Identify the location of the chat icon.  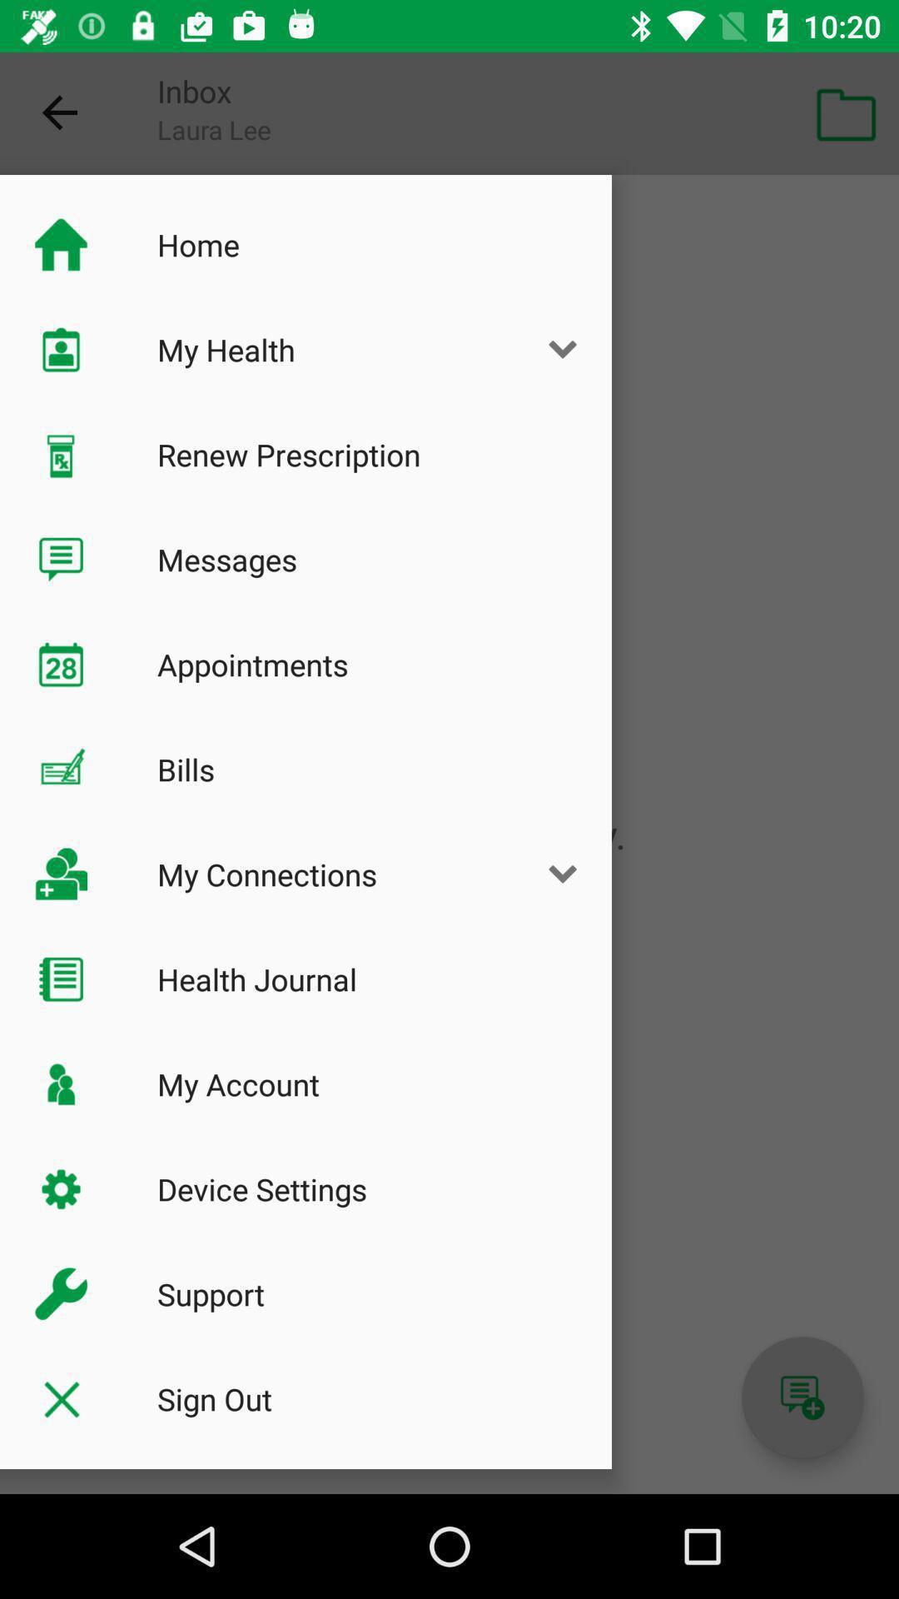
(802, 1397).